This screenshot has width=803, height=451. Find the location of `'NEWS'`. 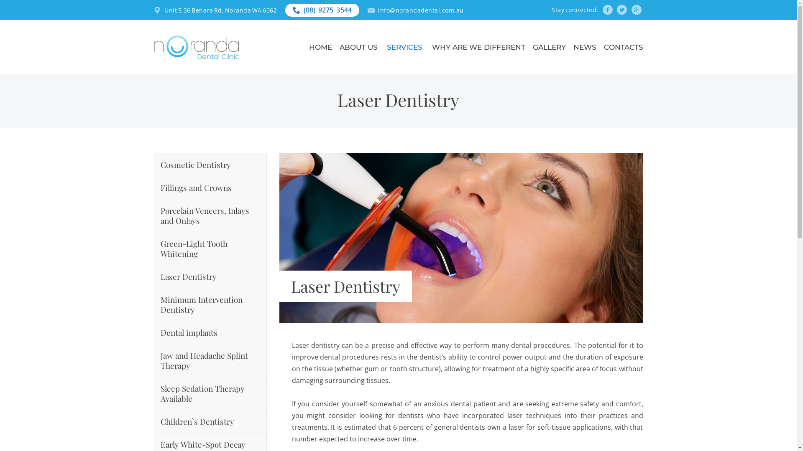

'NEWS' is located at coordinates (584, 47).